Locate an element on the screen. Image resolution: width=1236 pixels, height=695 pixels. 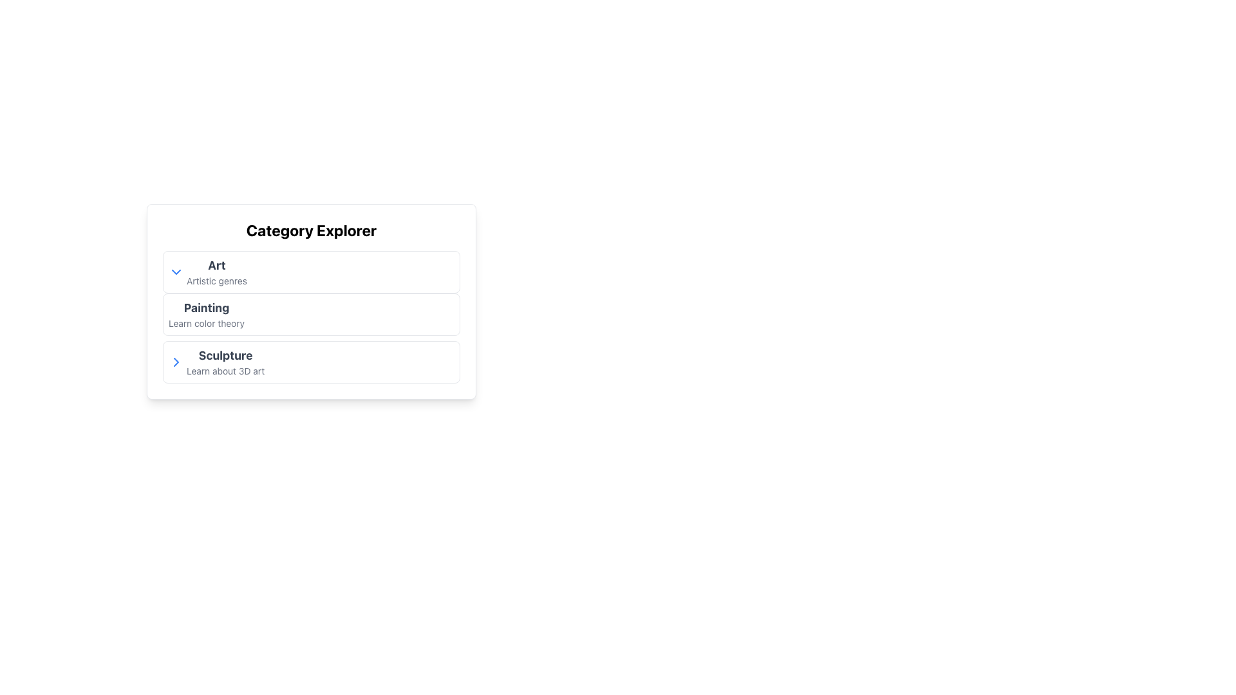
the category title text that visually distinguishes itself, located directly below 'Painting' is located at coordinates (225, 355).